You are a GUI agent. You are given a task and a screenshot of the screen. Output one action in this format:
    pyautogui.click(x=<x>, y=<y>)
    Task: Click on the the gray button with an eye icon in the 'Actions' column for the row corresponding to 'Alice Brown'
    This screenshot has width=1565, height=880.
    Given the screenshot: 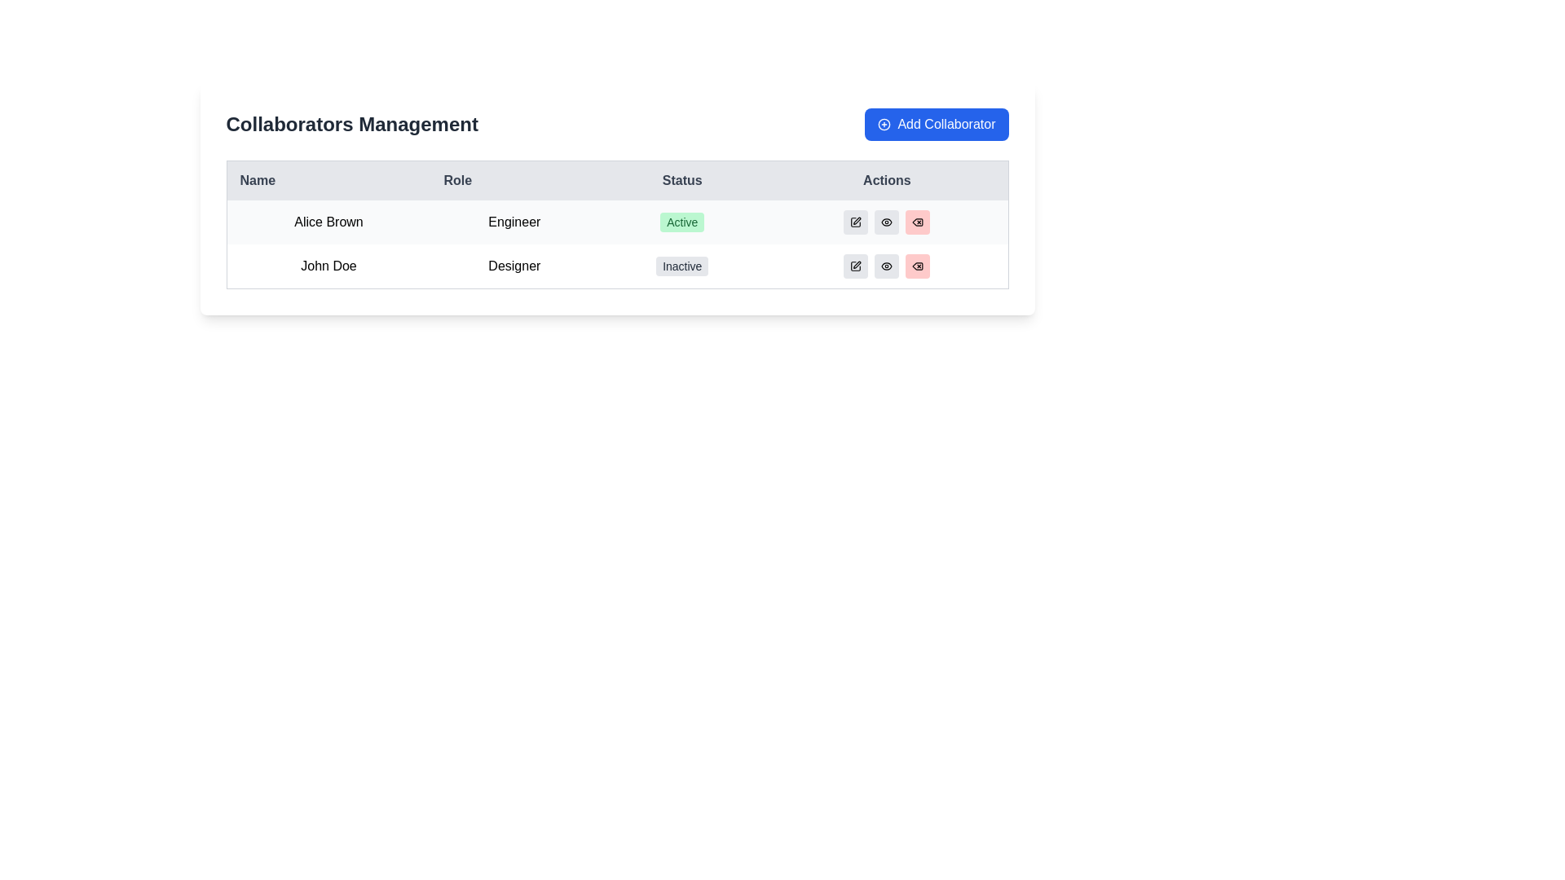 What is the action you would take?
    pyautogui.click(x=886, y=222)
    